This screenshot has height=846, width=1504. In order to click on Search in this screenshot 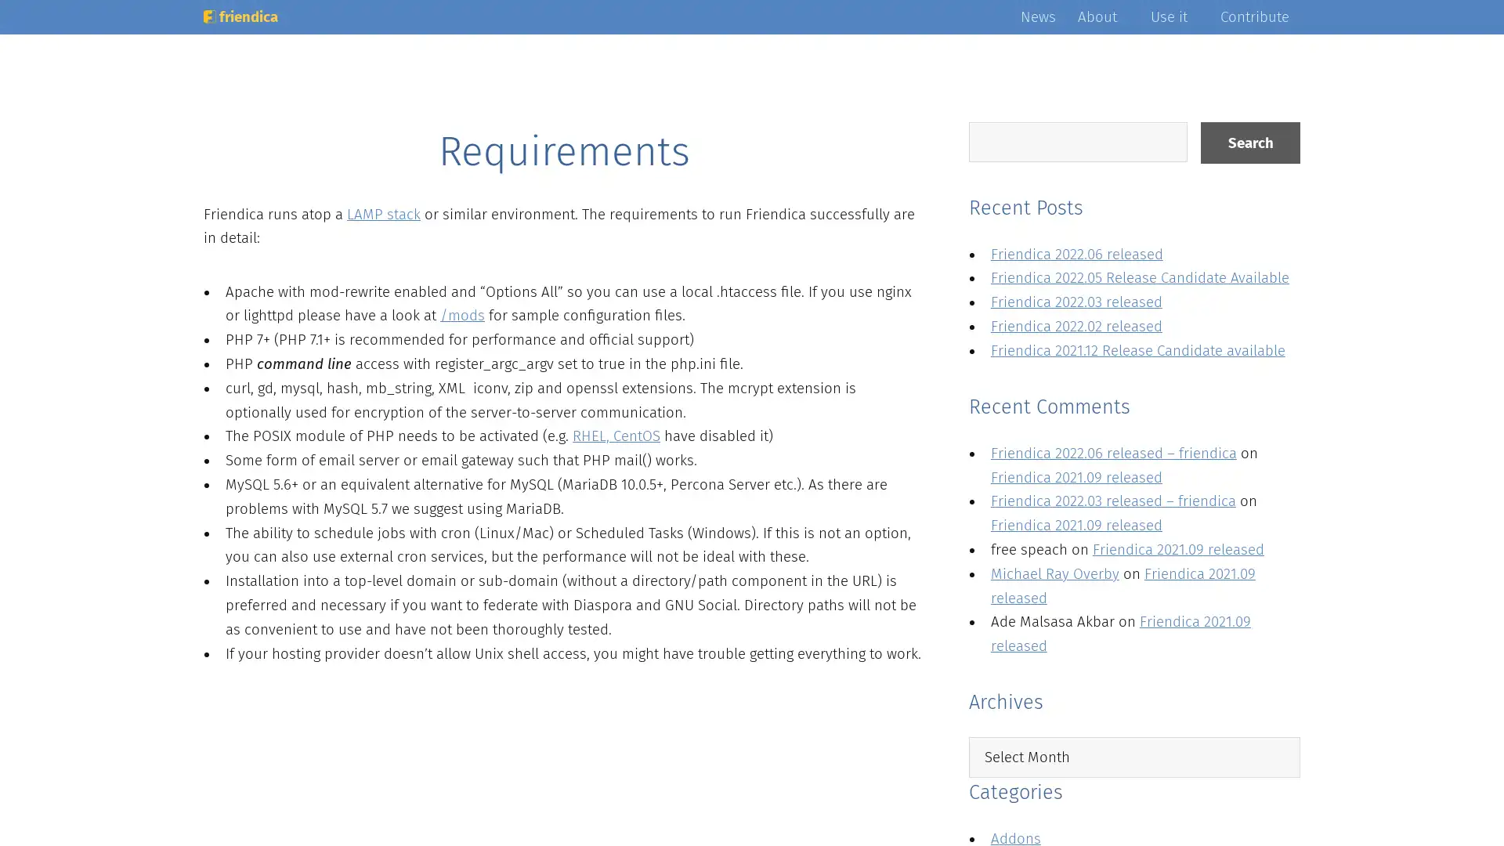, I will do `click(1249, 143)`.